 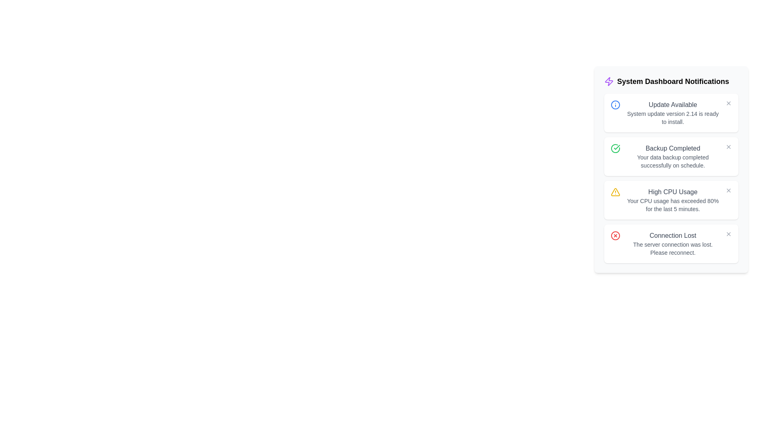 What do you see at coordinates (673, 113) in the screenshot?
I see `text block displaying 'Update Available' with the subtext 'System update version 2.14 is ready to install.' located in the first notification card on the right-hand side of the interface` at bounding box center [673, 113].